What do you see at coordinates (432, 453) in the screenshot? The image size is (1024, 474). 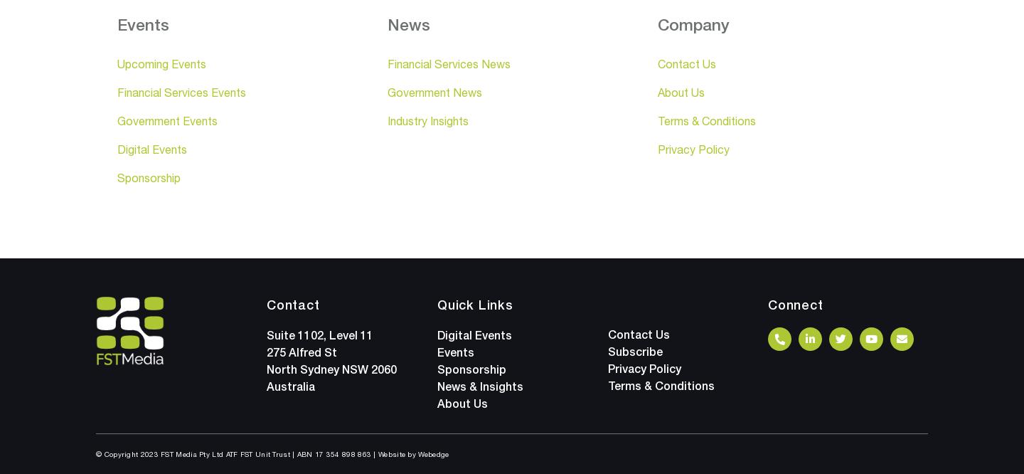 I see `'Webedge'` at bounding box center [432, 453].